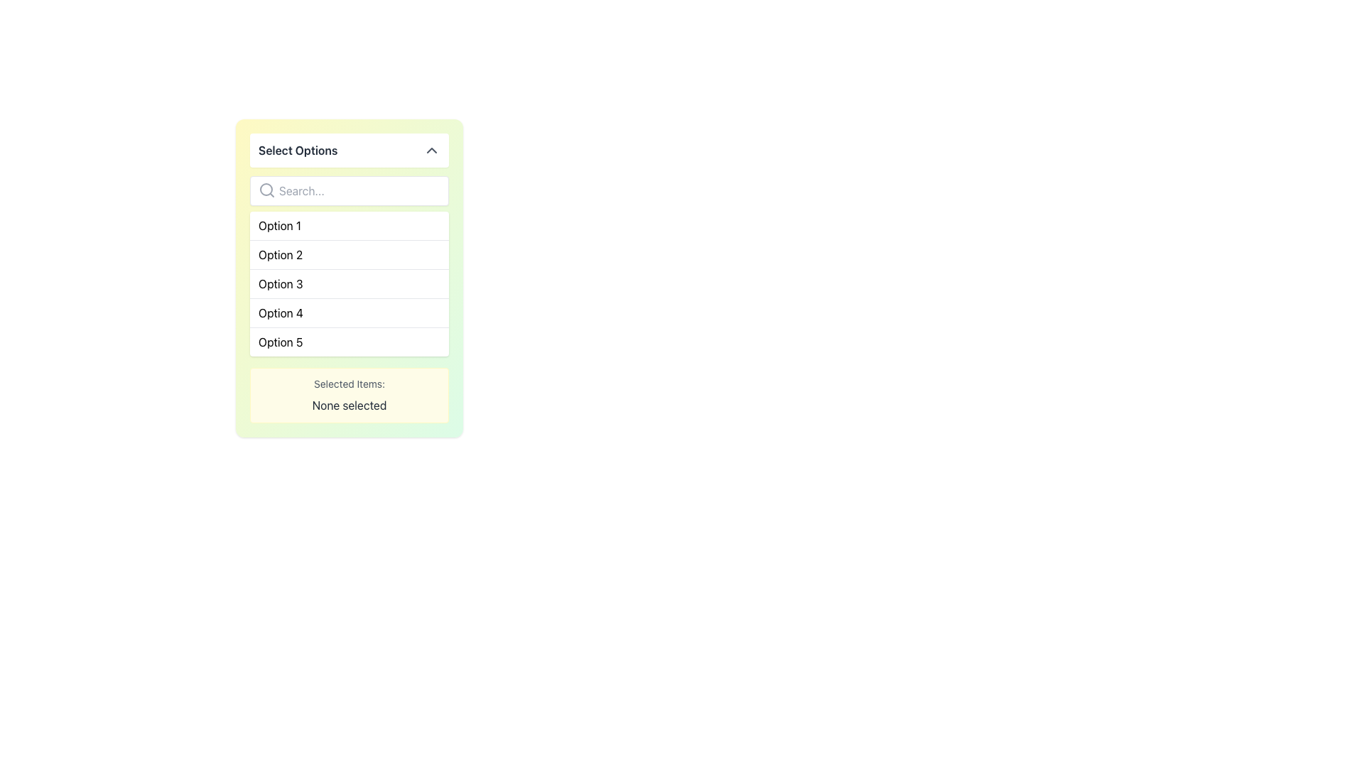 The image size is (1364, 767). I want to click on the first list item labeled 'Option 1', so click(349, 224).